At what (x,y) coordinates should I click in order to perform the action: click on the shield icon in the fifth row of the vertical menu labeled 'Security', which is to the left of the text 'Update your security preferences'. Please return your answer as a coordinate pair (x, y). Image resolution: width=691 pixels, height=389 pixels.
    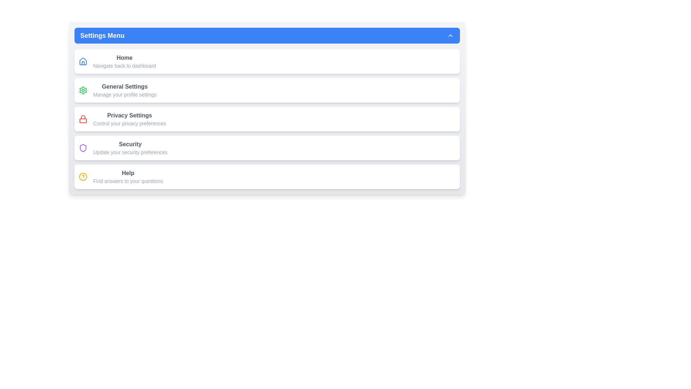
    Looking at the image, I should click on (83, 148).